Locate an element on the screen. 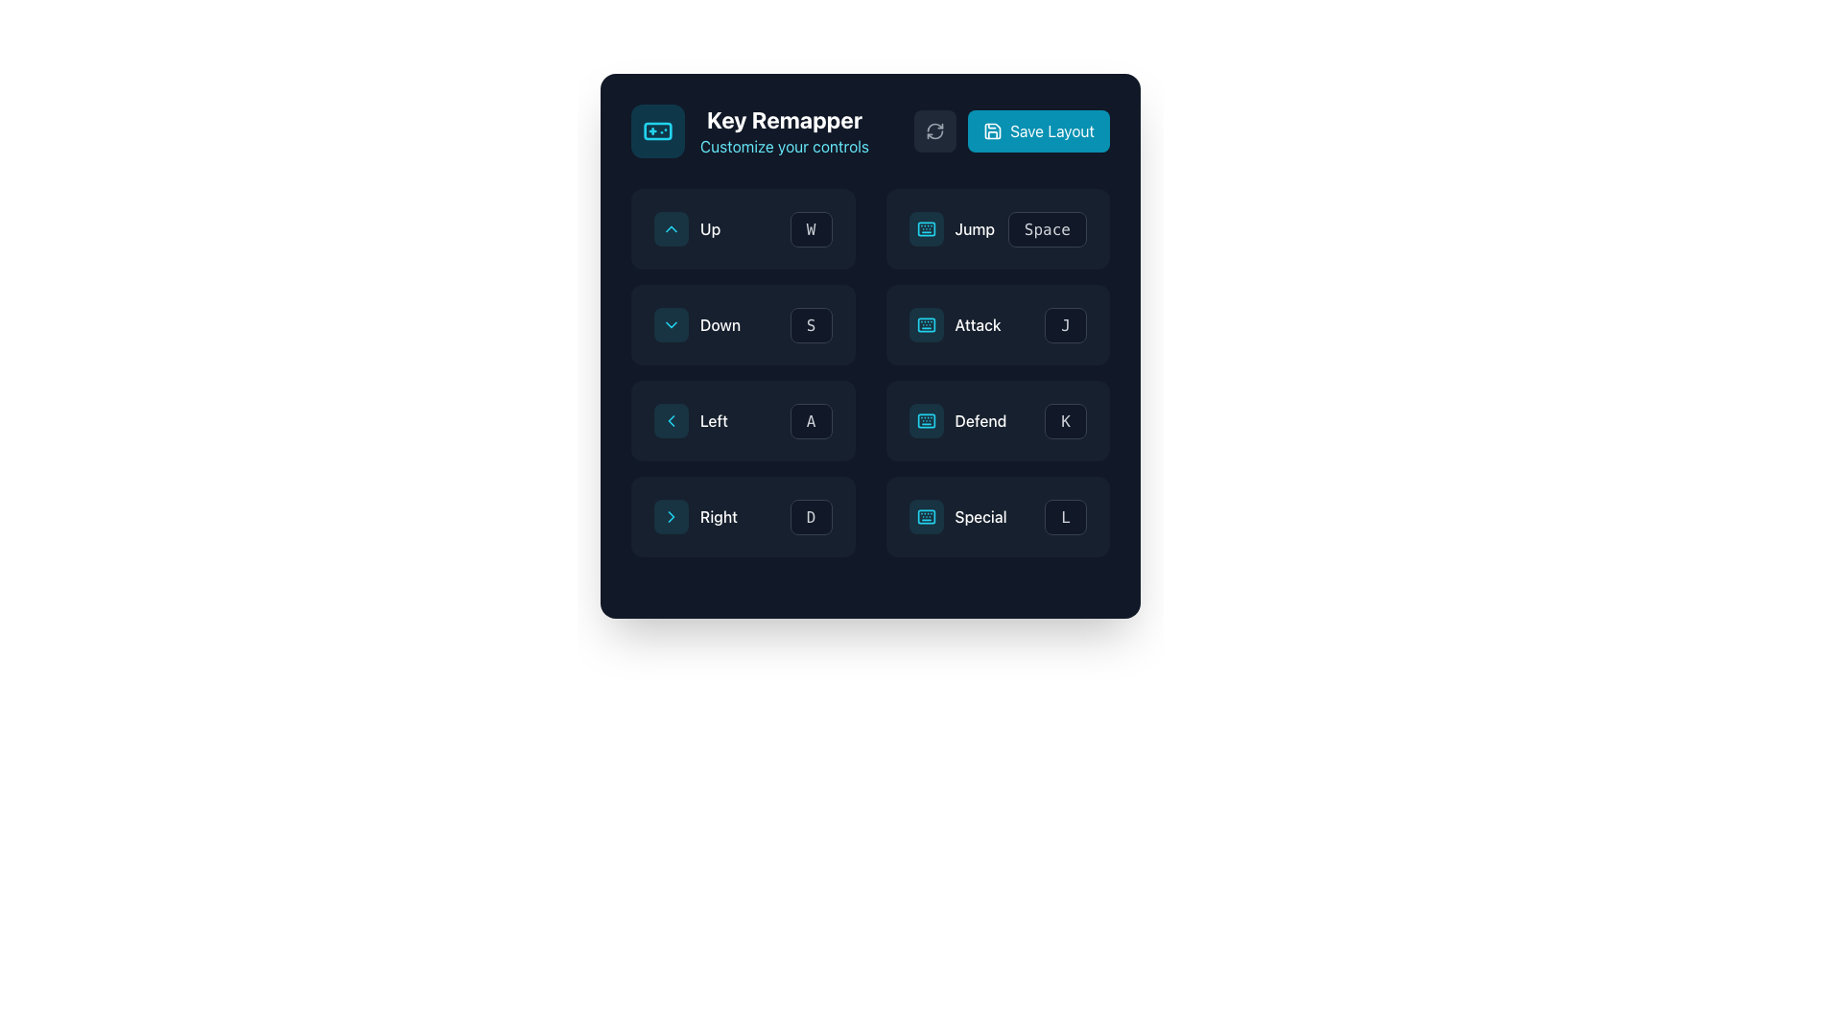 This screenshot has height=1036, width=1842. the keyboard icon located is located at coordinates (926, 228).